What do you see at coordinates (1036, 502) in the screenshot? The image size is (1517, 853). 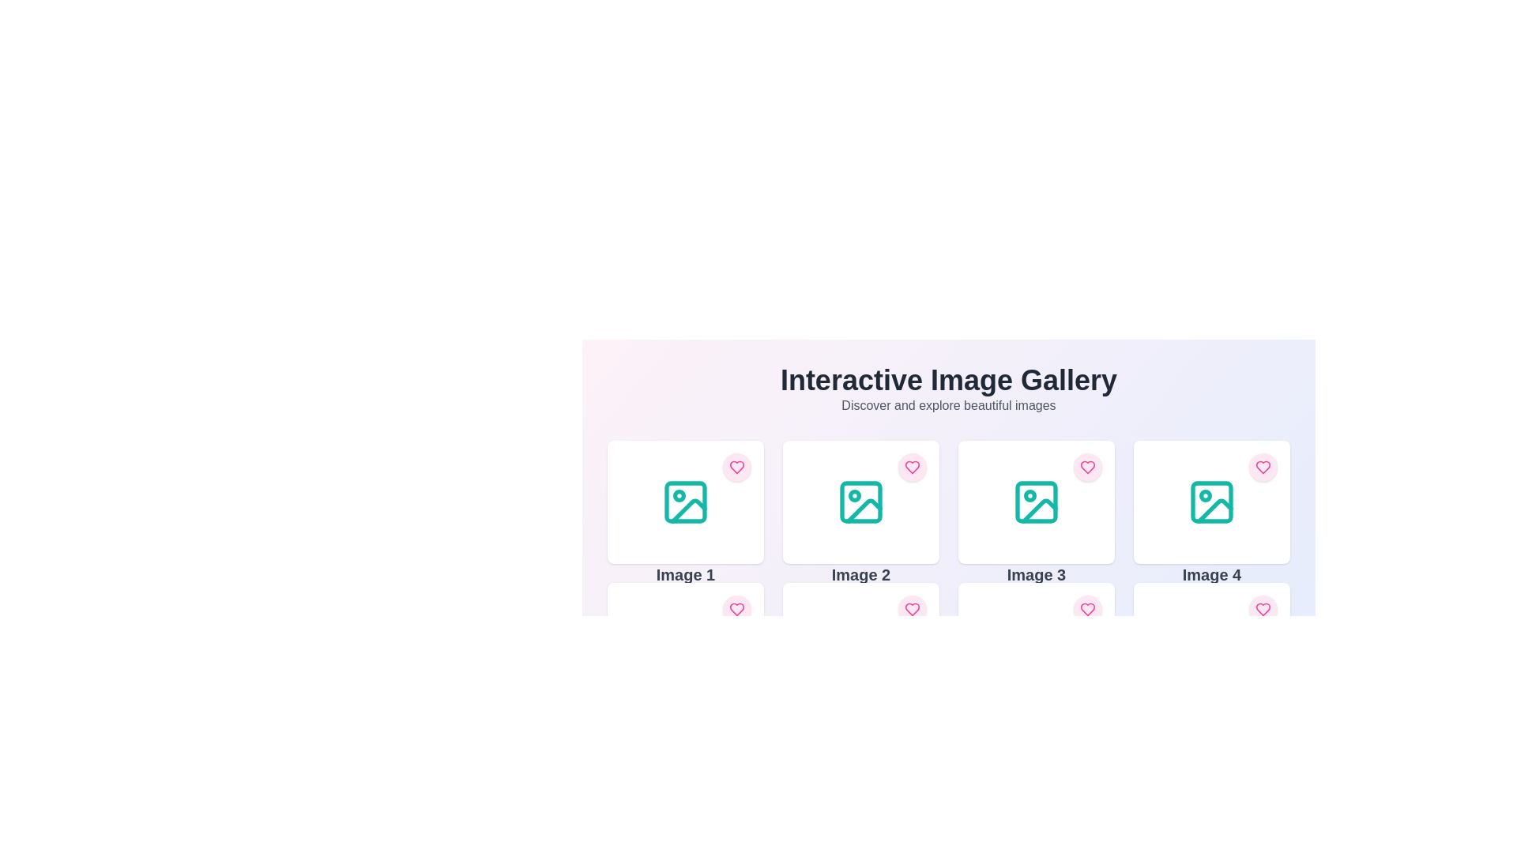 I see `the third card in the top row of the image gallery` at bounding box center [1036, 502].